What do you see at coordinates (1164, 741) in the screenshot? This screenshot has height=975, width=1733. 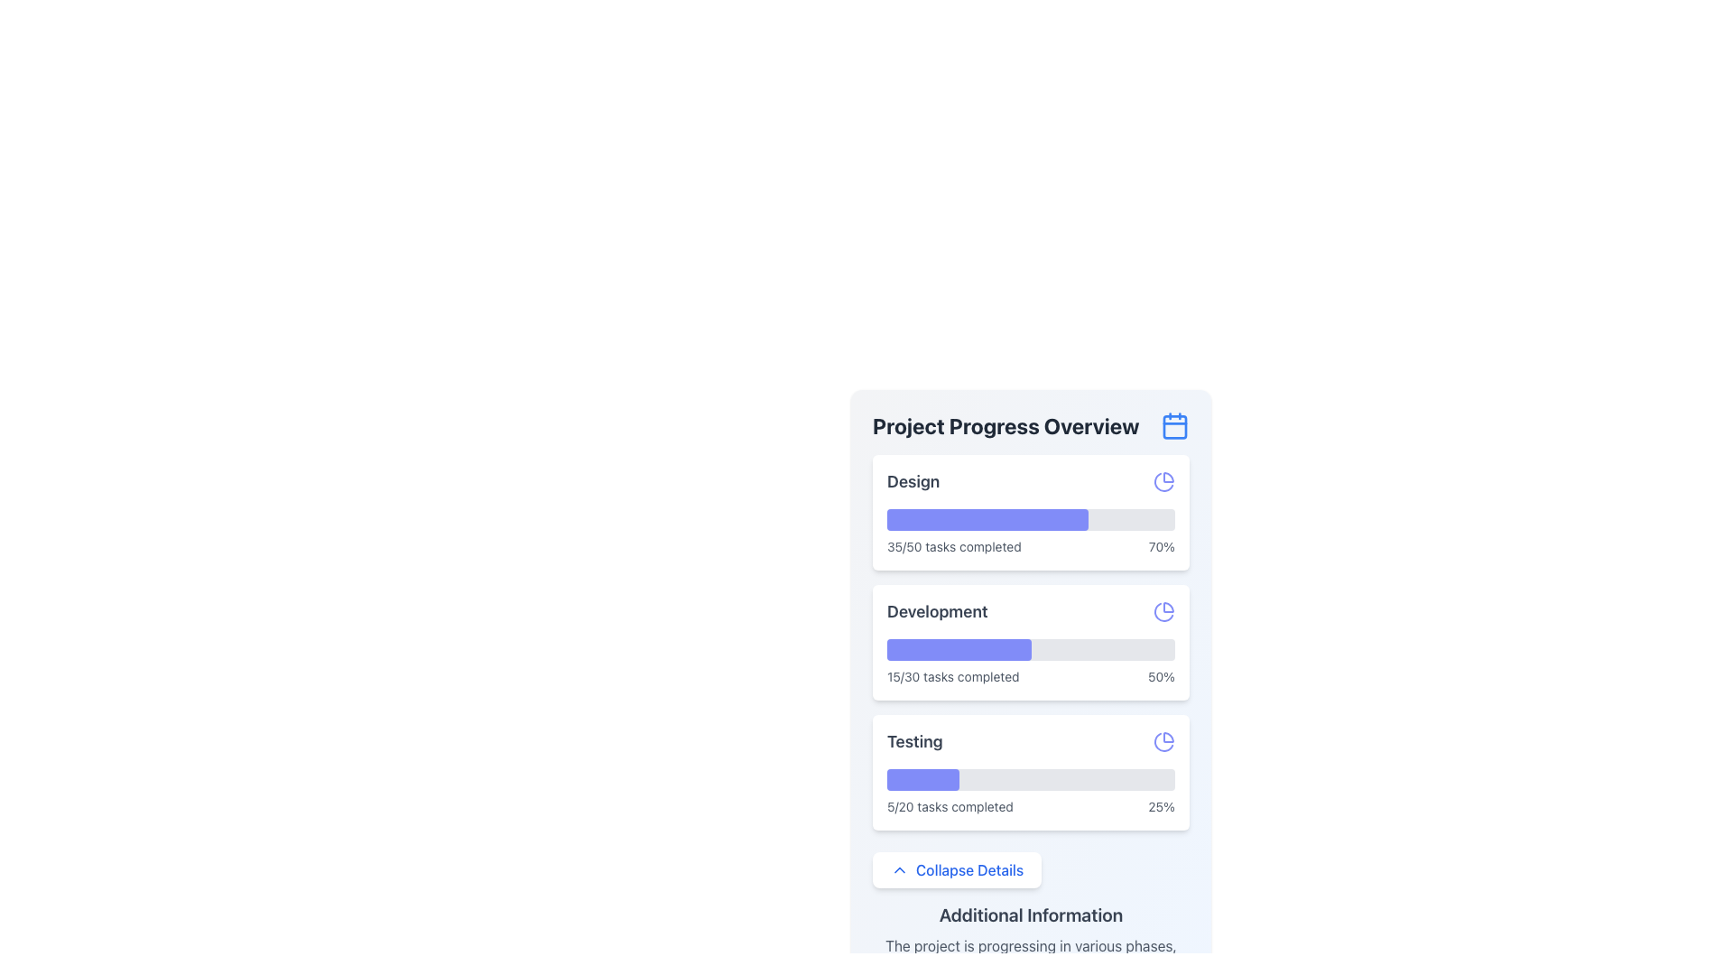 I see `the pie-chart icon with an indigo stroke located adjacent to the 'Testing' text in the 'Project Progress Overview' card` at bounding box center [1164, 741].